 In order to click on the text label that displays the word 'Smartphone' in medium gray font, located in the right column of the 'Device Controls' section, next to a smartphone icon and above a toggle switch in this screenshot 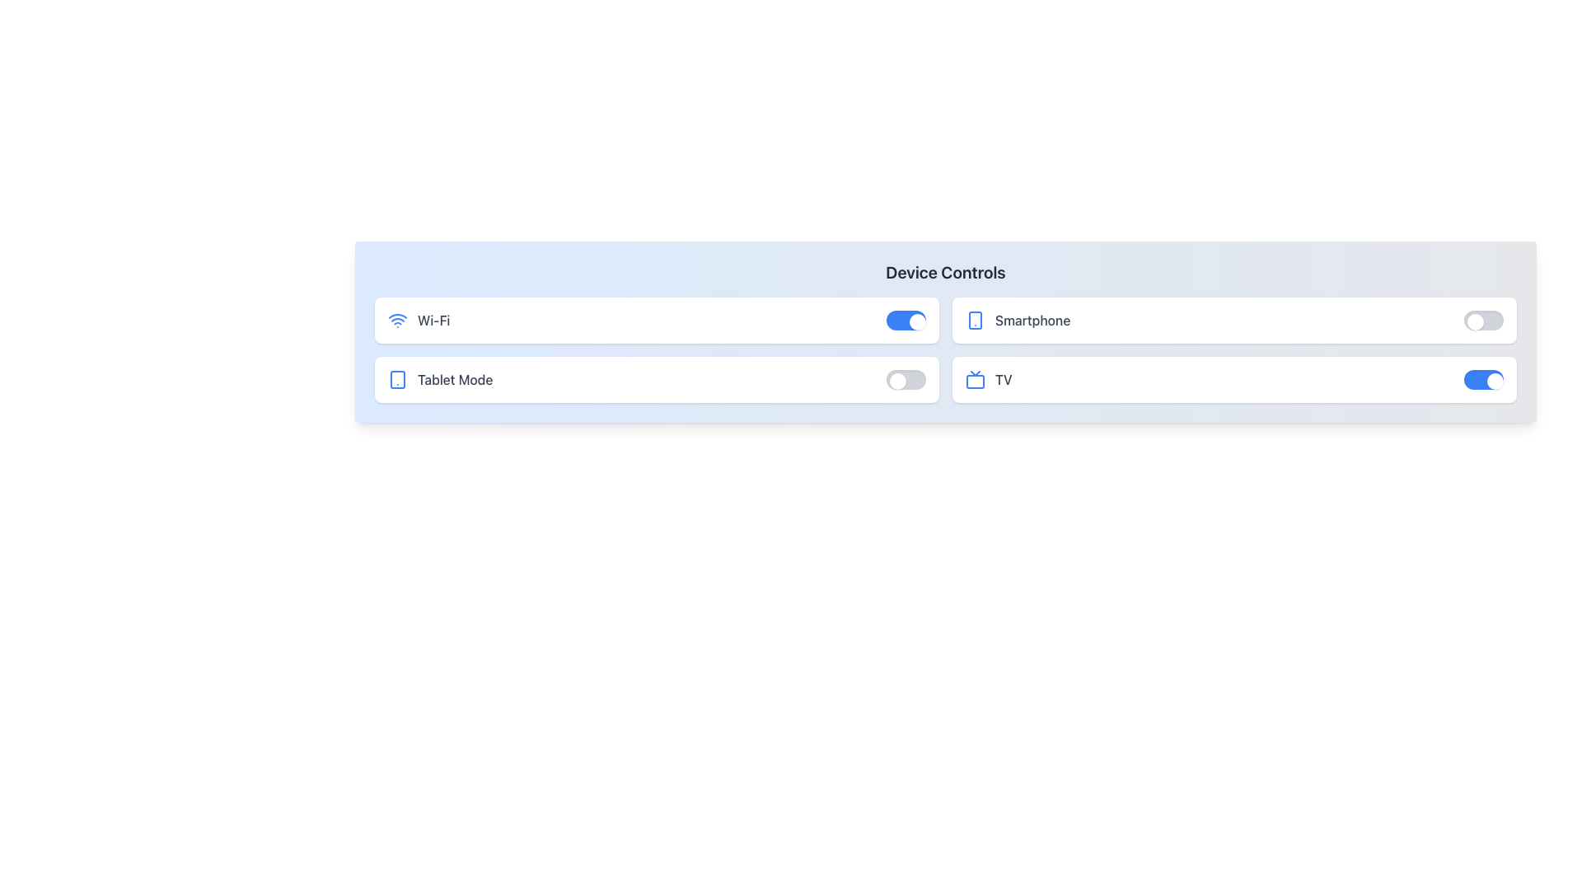, I will do `click(1032, 321)`.